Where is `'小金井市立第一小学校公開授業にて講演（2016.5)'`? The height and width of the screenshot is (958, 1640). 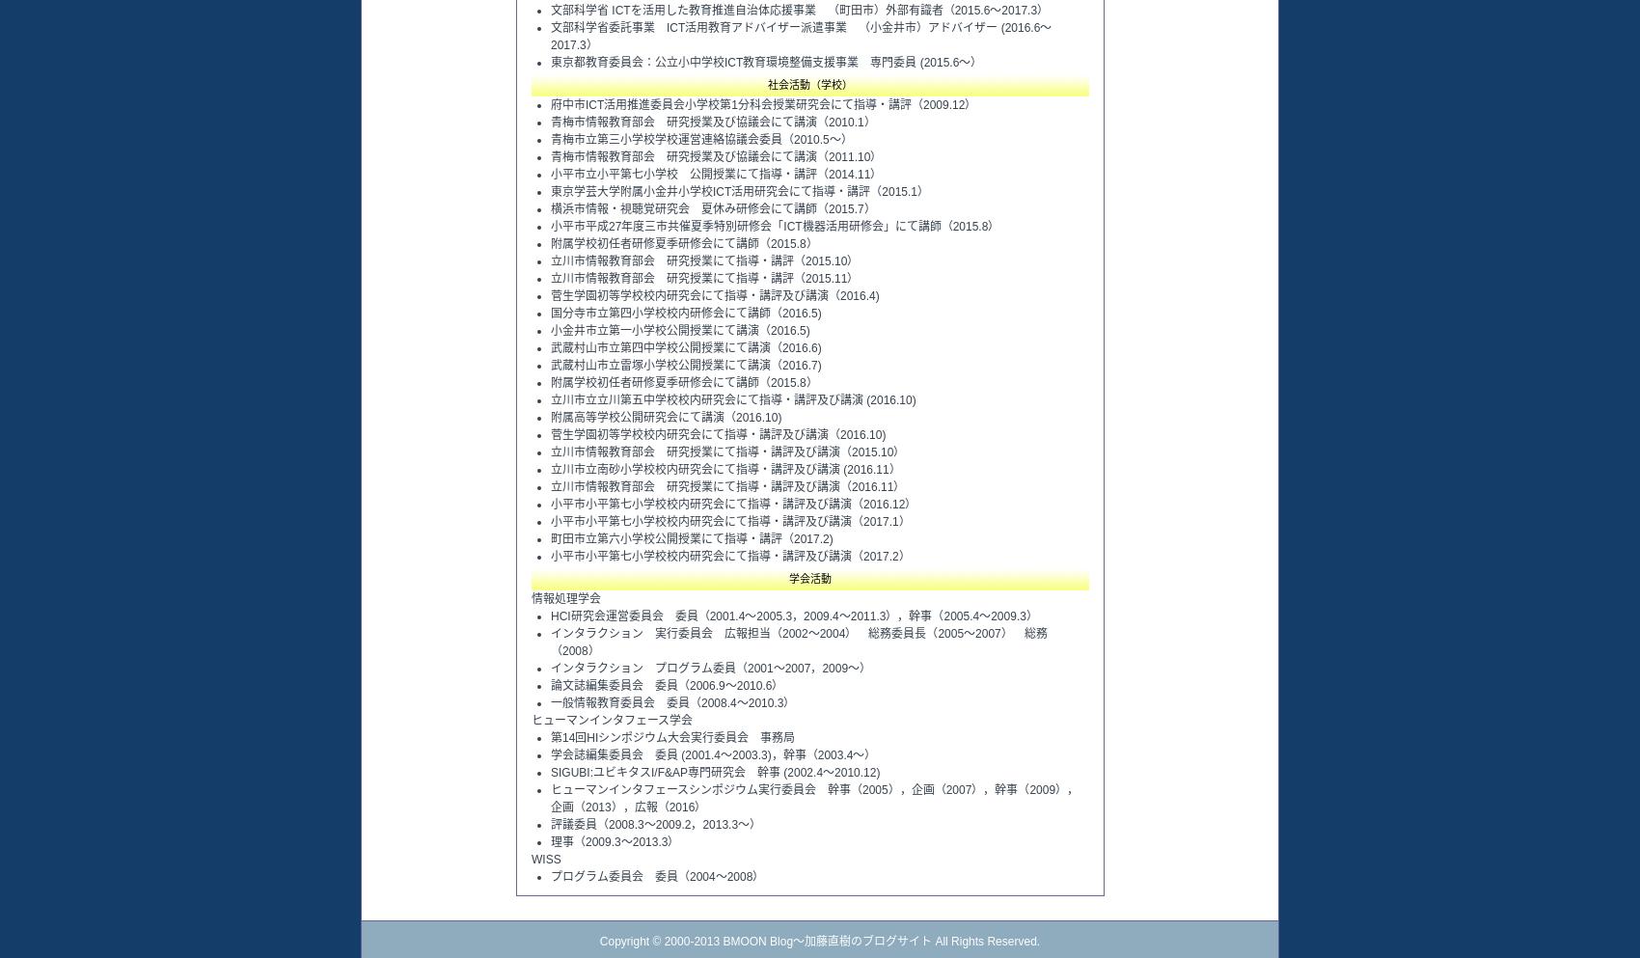
'小金井市立第一小学校公開授業にて講演（2016.5)' is located at coordinates (679, 329).